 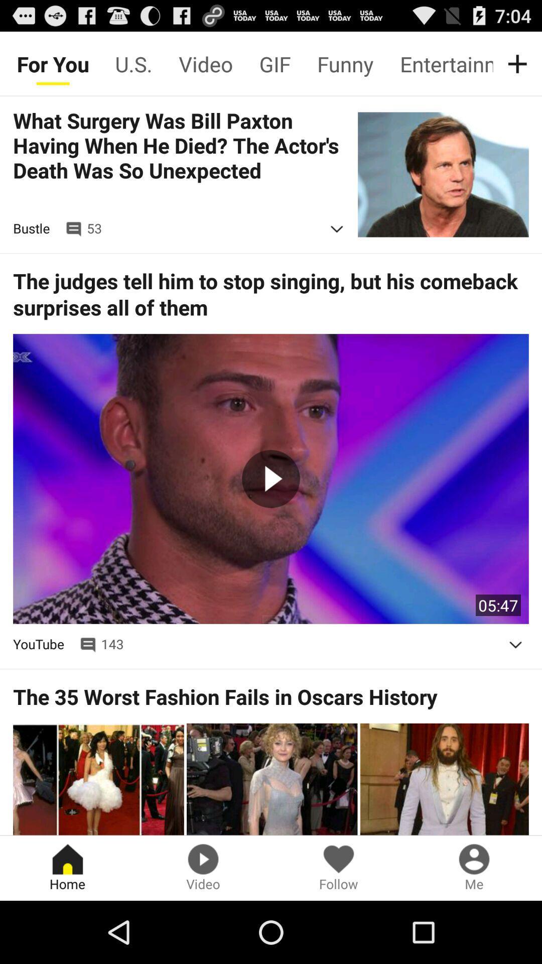 What do you see at coordinates (337, 228) in the screenshot?
I see `more details` at bounding box center [337, 228].